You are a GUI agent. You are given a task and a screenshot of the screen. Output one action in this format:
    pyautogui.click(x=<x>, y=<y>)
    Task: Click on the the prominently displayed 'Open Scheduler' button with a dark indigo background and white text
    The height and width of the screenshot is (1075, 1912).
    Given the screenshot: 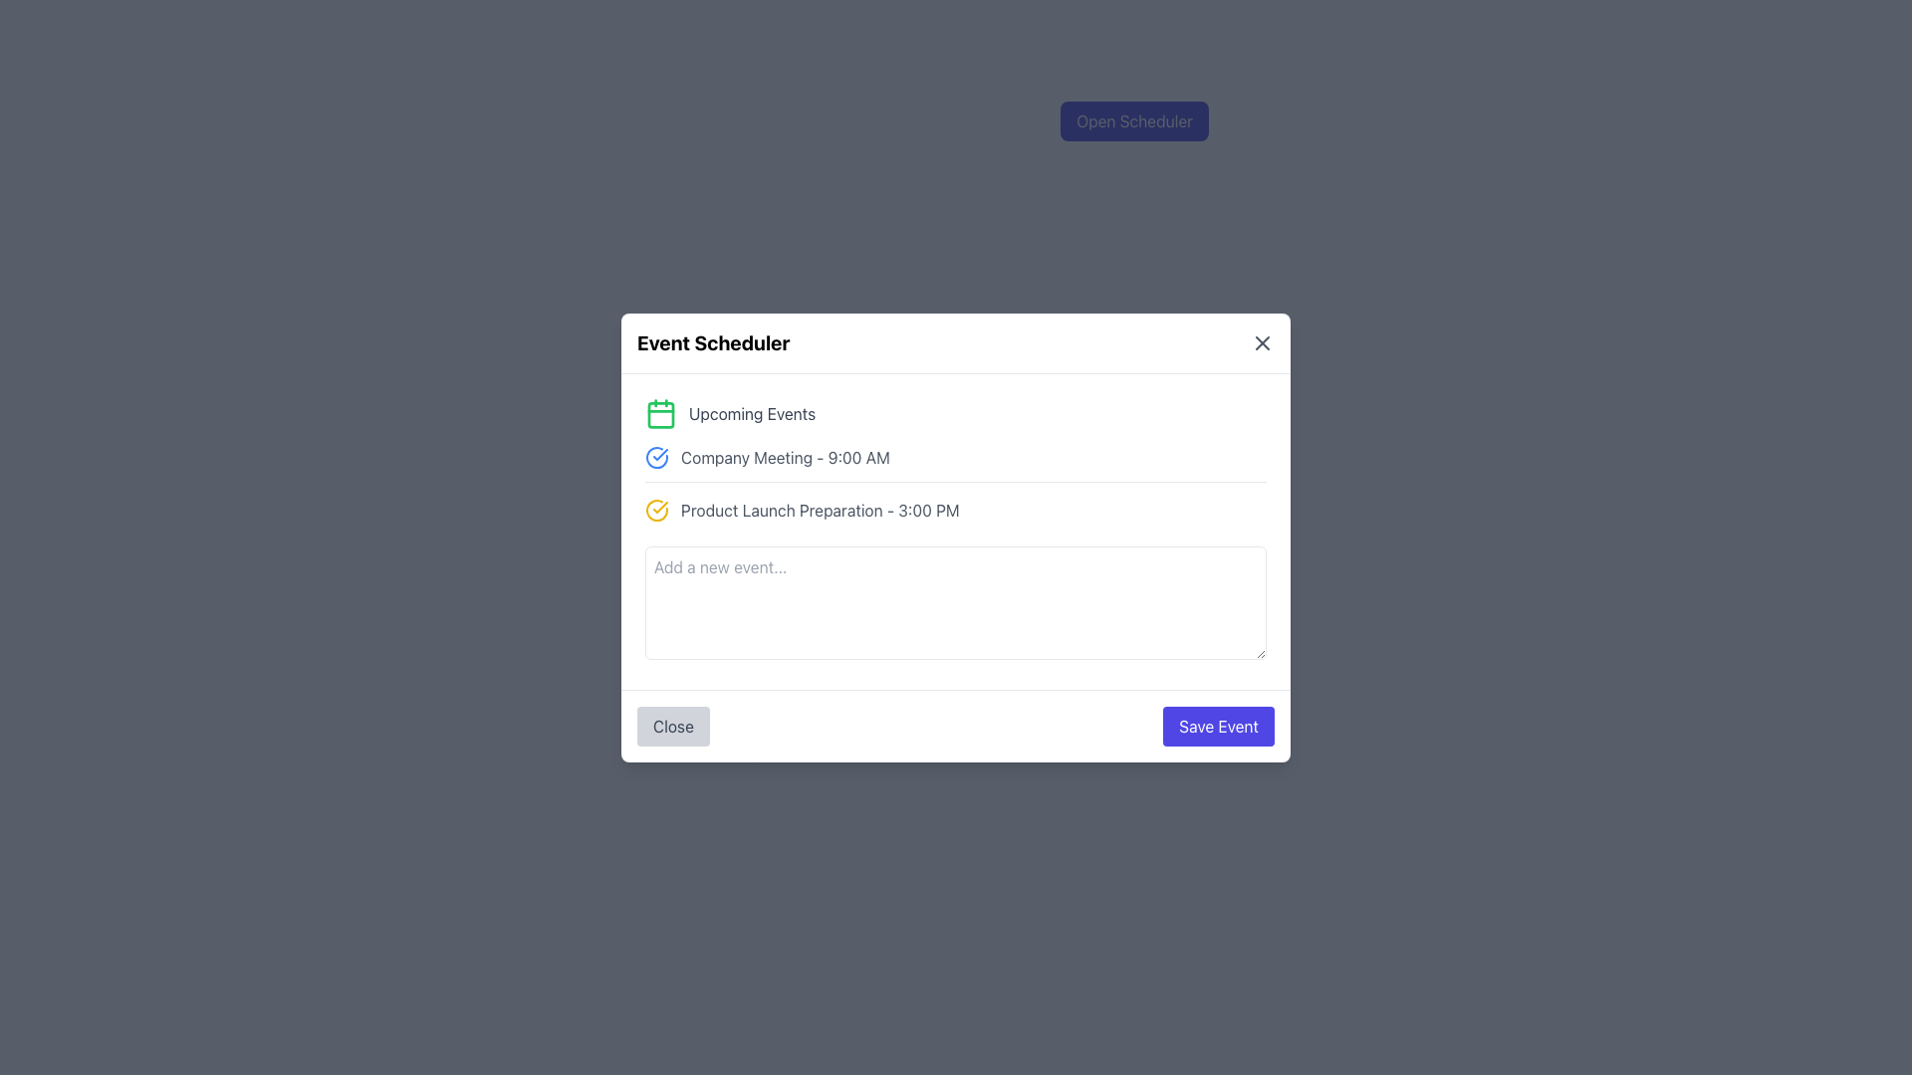 What is the action you would take?
    pyautogui.click(x=1134, y=121)
    